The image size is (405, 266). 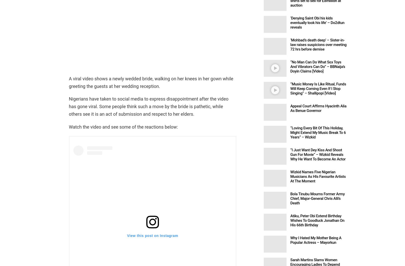 I want to click on 'Bola Tinubu Mourns Former Army Chief, Major-General Chris Alli’s Death', so click(x=317, y=198).